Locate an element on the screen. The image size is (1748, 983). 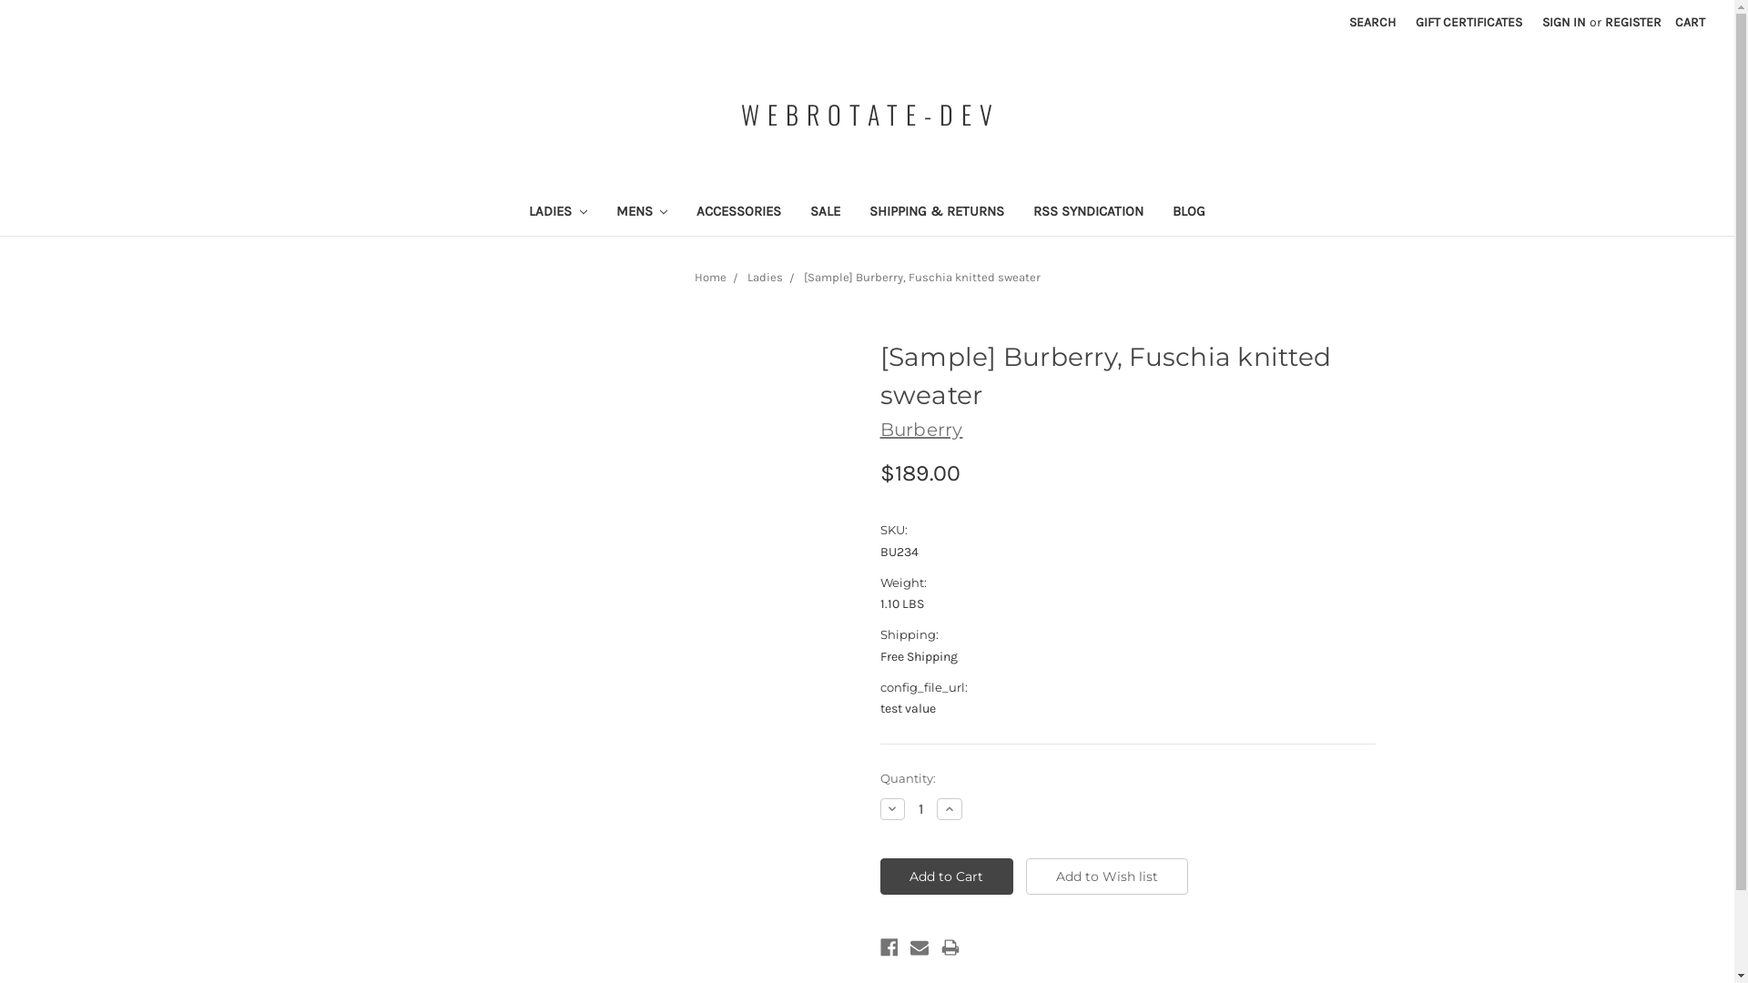
'Home' is located at coordinates (708, 277).